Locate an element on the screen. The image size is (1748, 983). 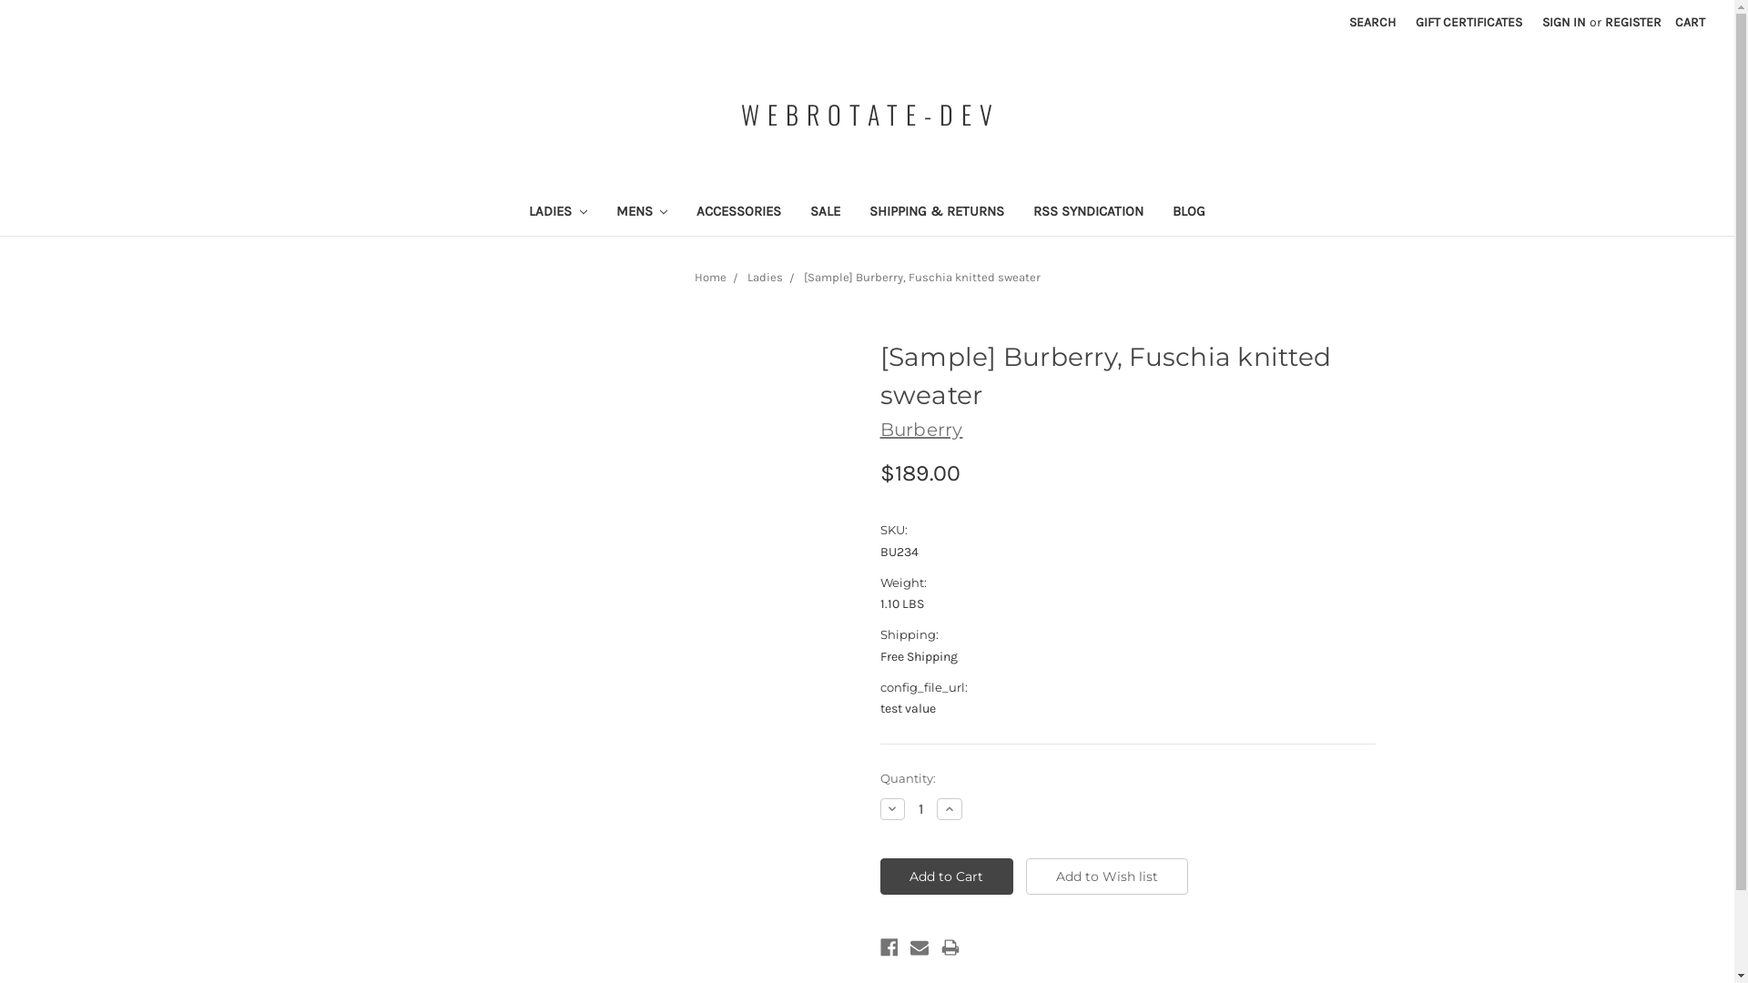
'Home' is located at coordinates (708, 277).